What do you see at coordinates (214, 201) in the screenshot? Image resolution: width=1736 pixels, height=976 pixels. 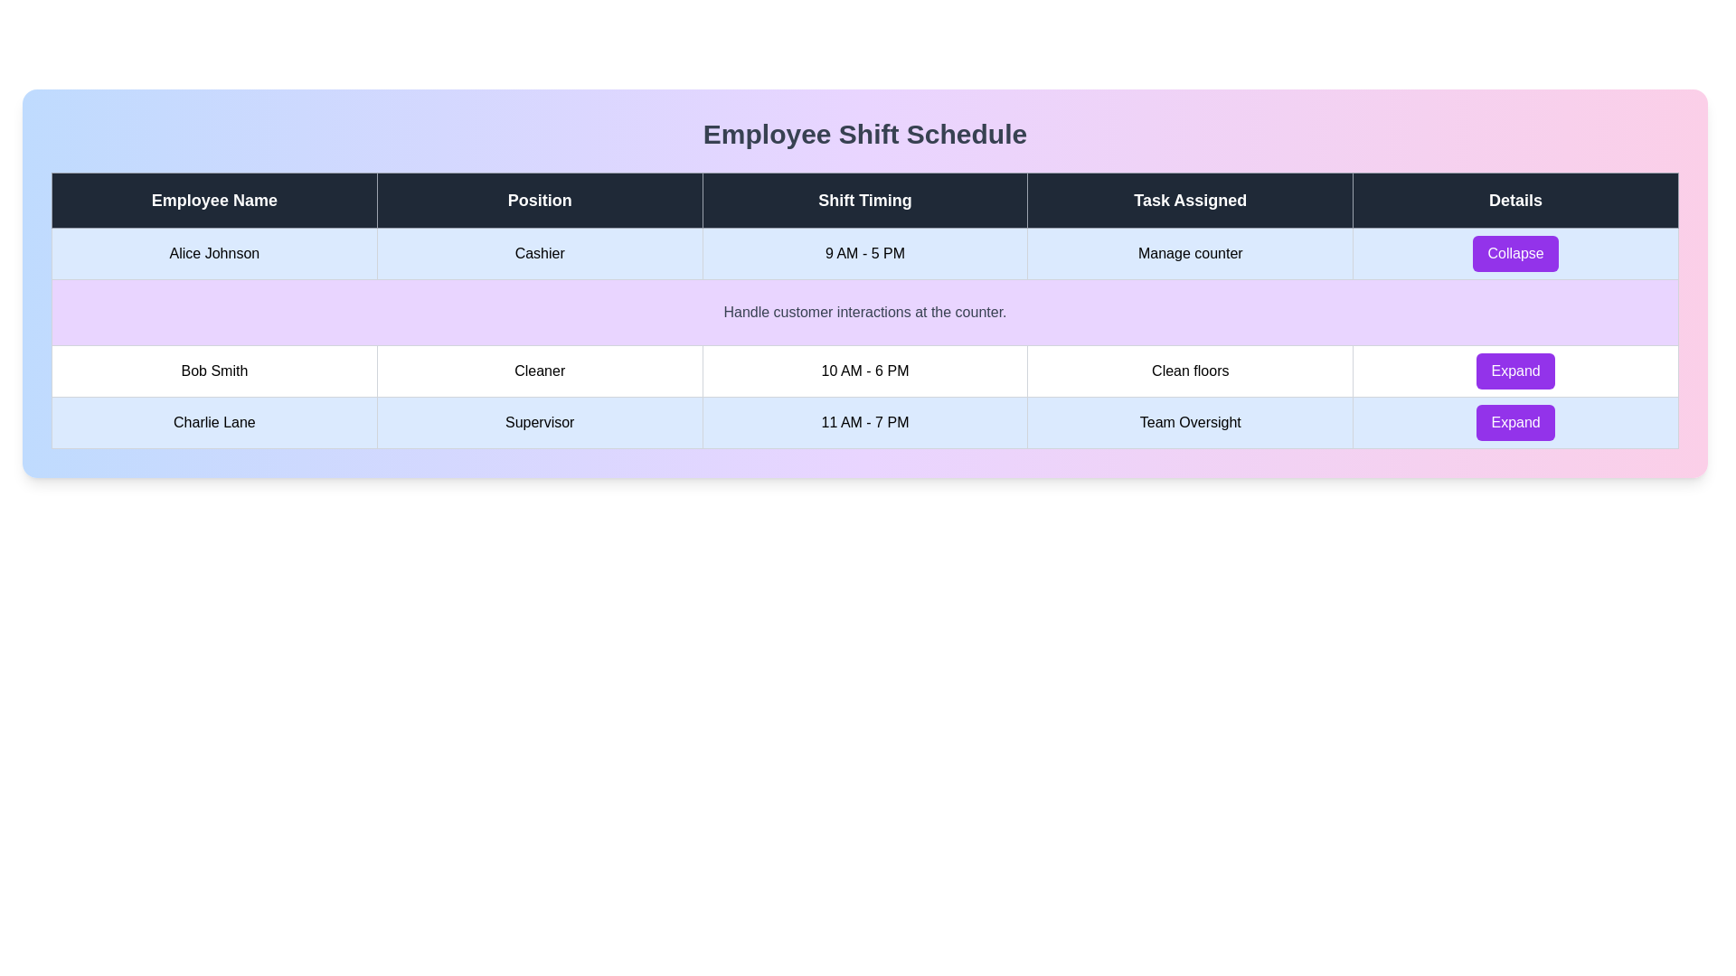 I see `displayed text of the 'Employee Name' label, which is a large white text on a dark background in the first column of the table header` at bounding box center [214, 201].